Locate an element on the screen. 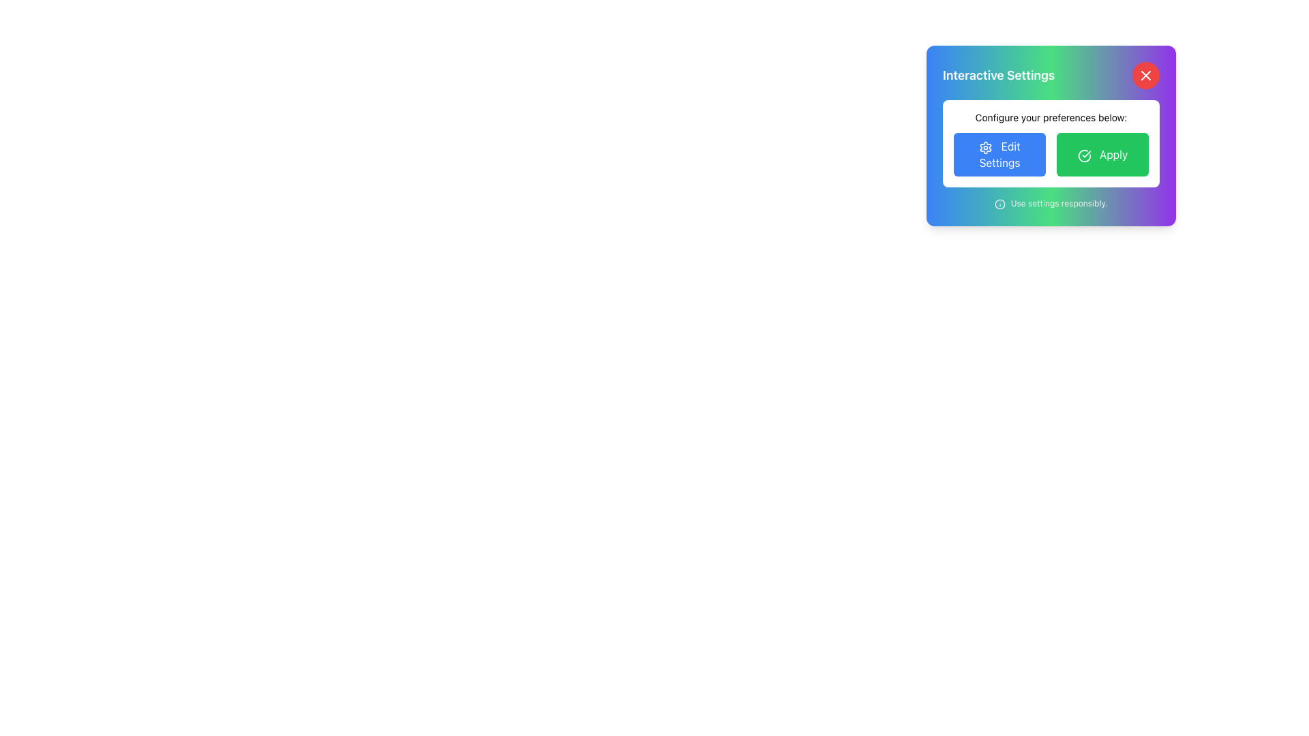 Image resolution: width=1309 pixels, height=736 pixels. the gear-shaped icon that symbolizes settings, located to the left of the 'Edit Settings' button within the dialog box is located at coordinates (986, 147).